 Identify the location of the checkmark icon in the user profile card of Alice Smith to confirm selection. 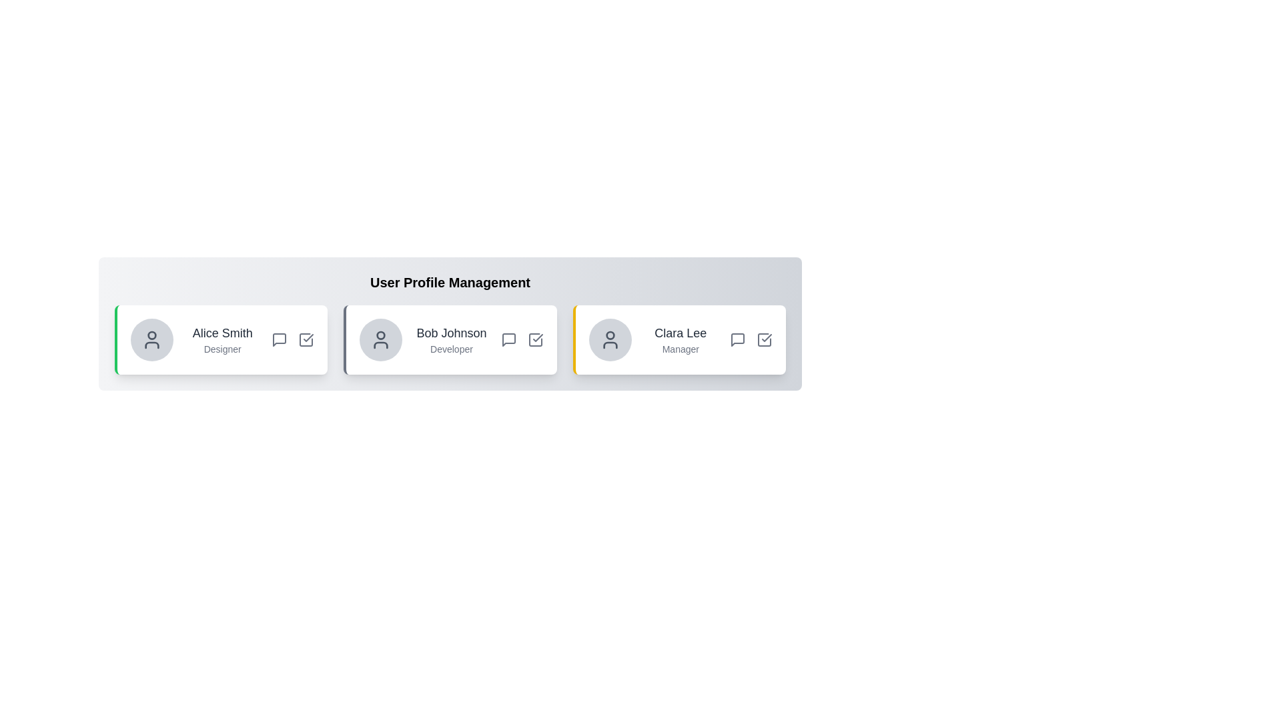
(306, 339).